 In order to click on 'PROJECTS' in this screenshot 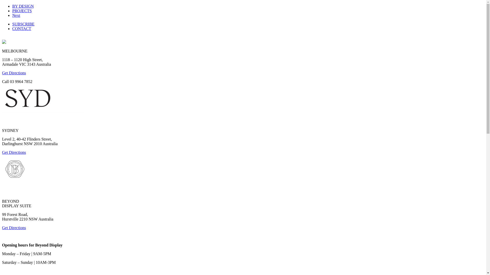, I will do `click(22, 11)`.